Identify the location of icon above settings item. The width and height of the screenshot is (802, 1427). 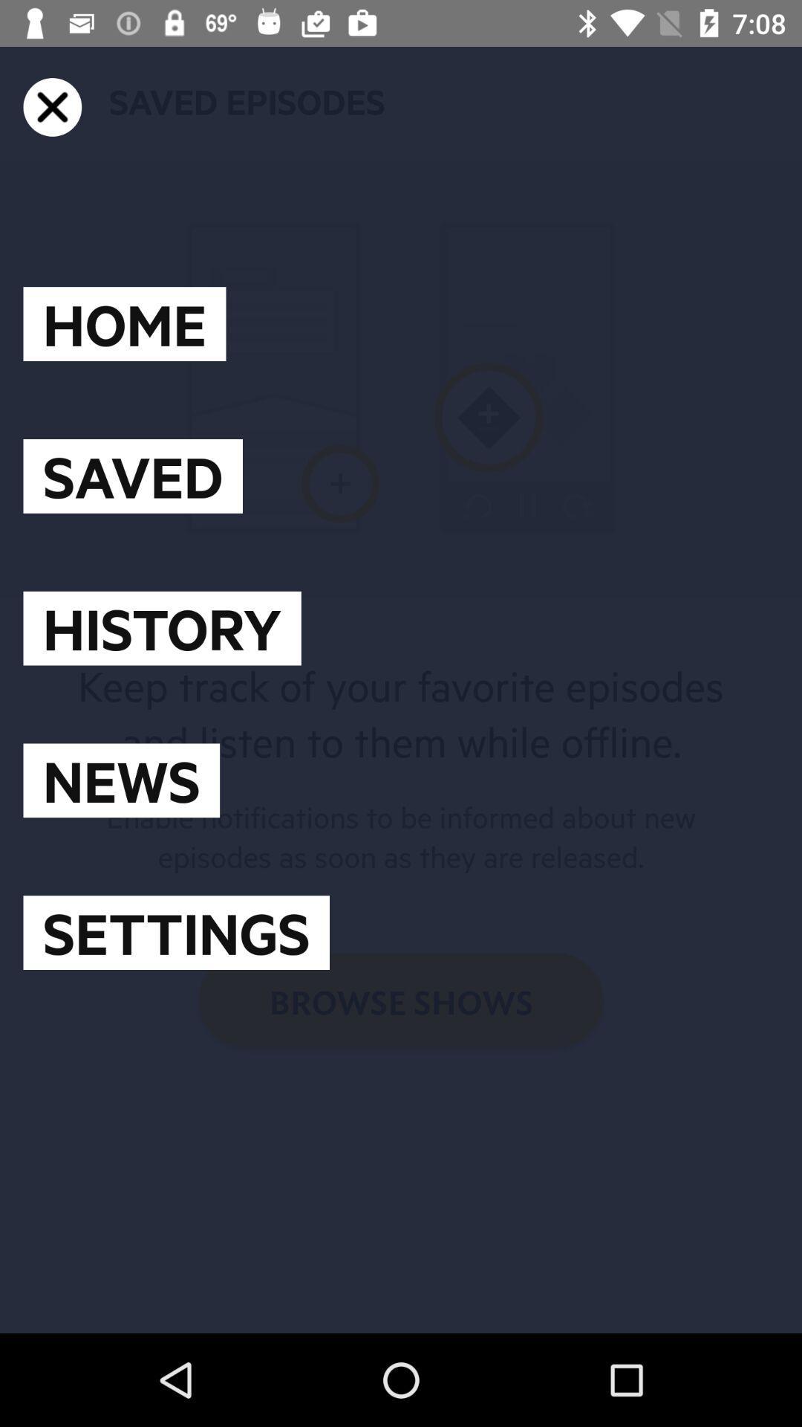
(120, 780).